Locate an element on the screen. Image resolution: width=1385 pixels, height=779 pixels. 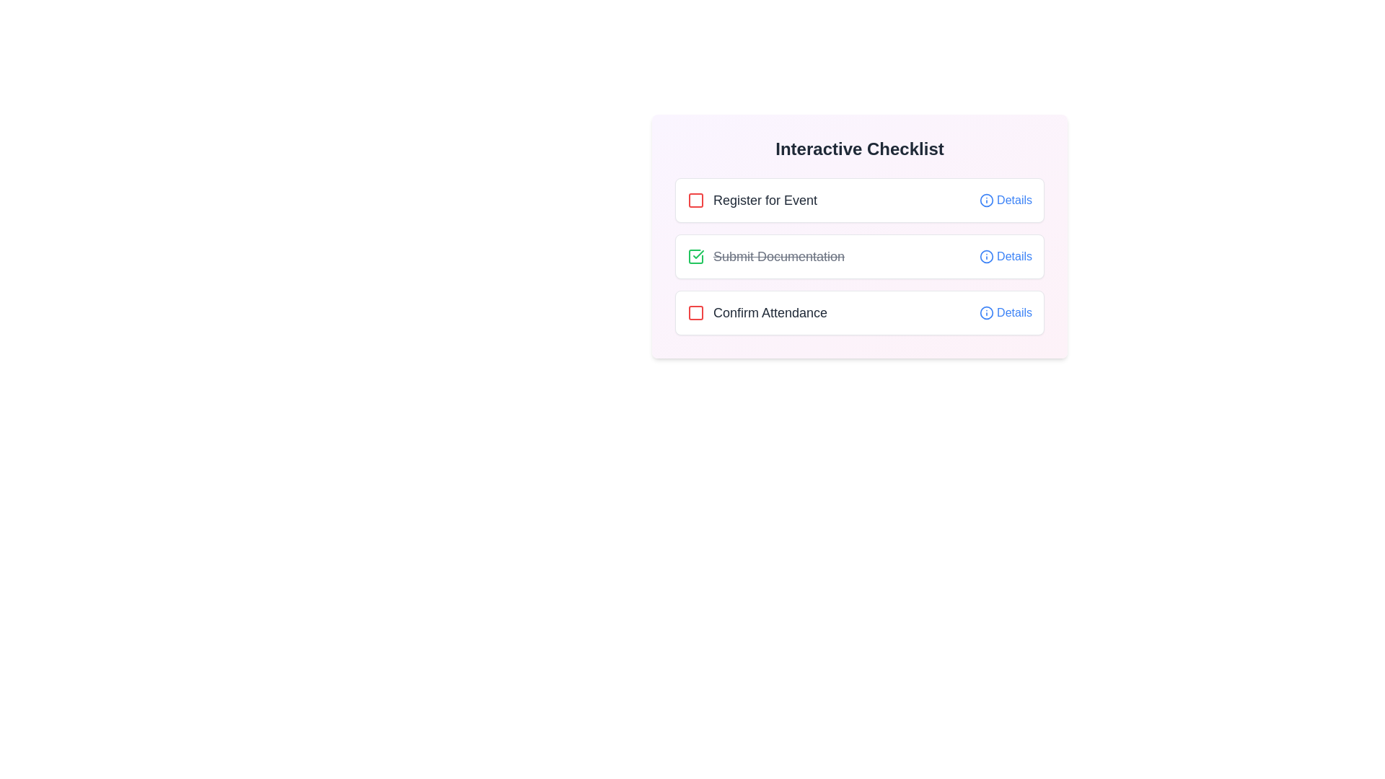
the checkbox labeled 'Confirm Attendance' is located at coordinates (757, 312).